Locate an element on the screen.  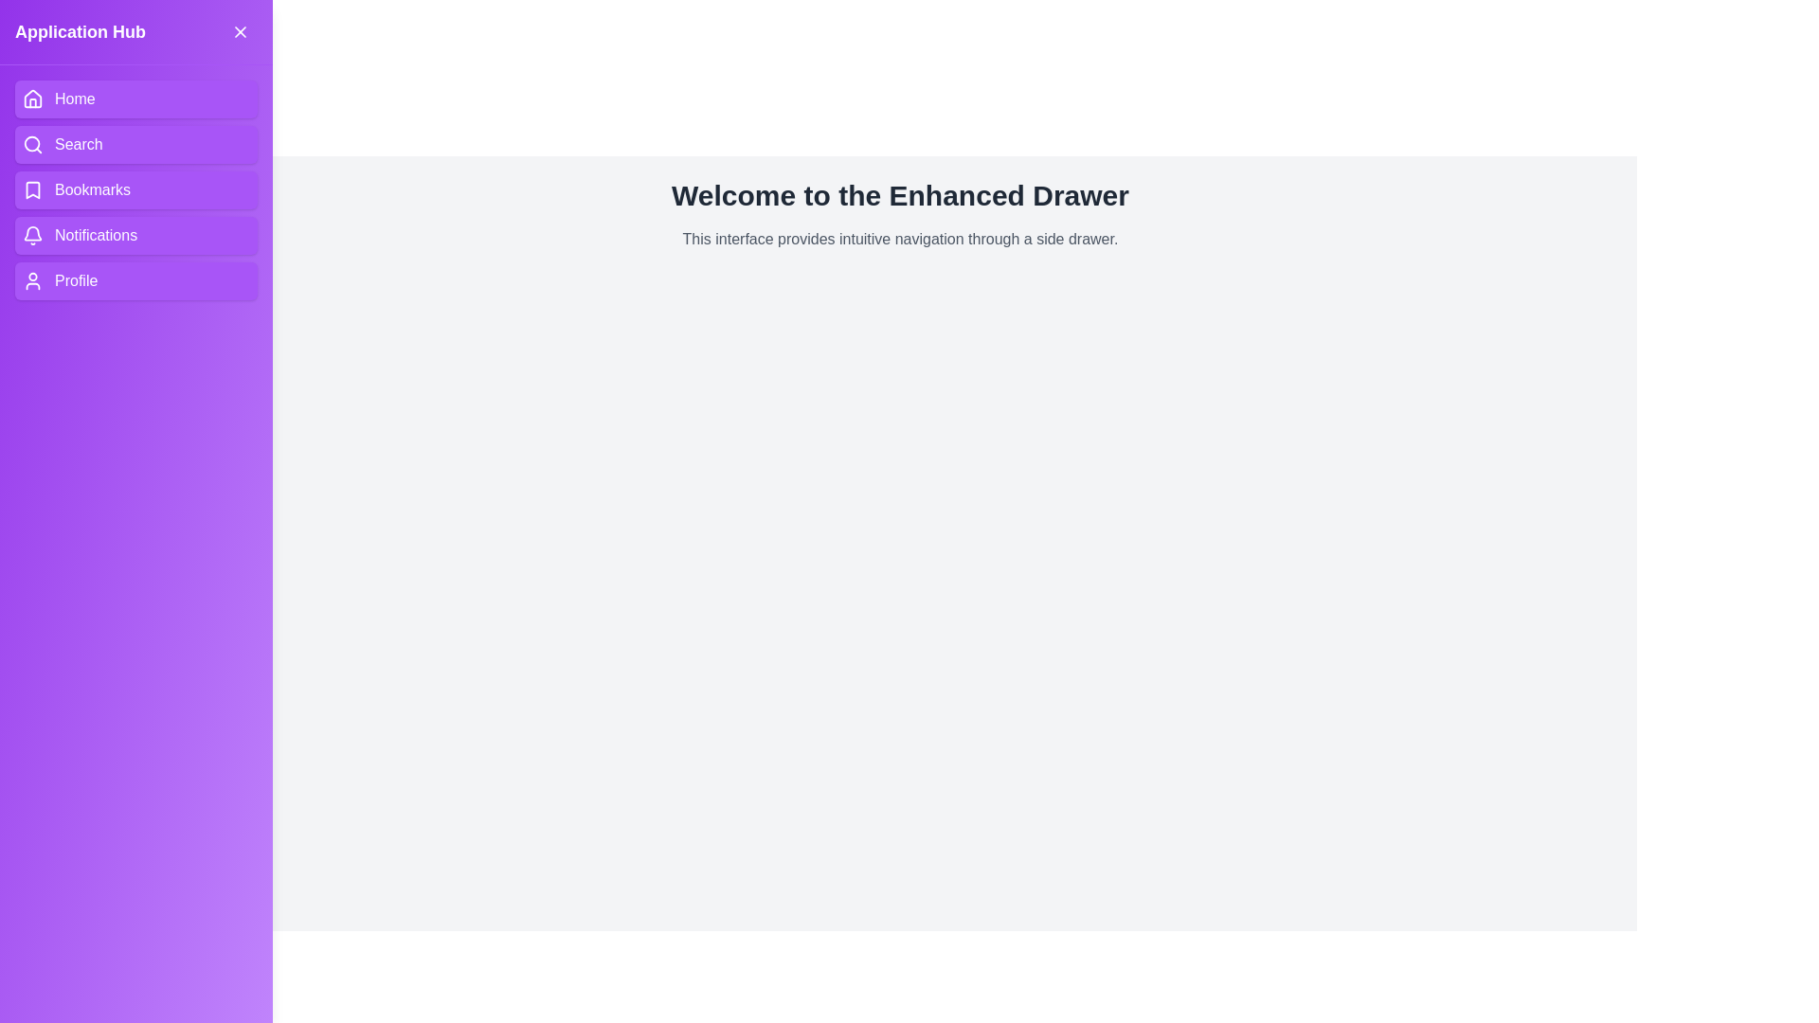
the toggle button located at the top-left corner of the screen to toggle the visibility of the side drawer is located at coordinates (41, 41).